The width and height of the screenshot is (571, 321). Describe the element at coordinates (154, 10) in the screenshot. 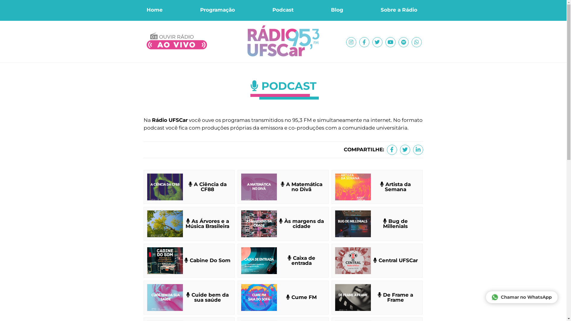

I see `'Home'` at that location.